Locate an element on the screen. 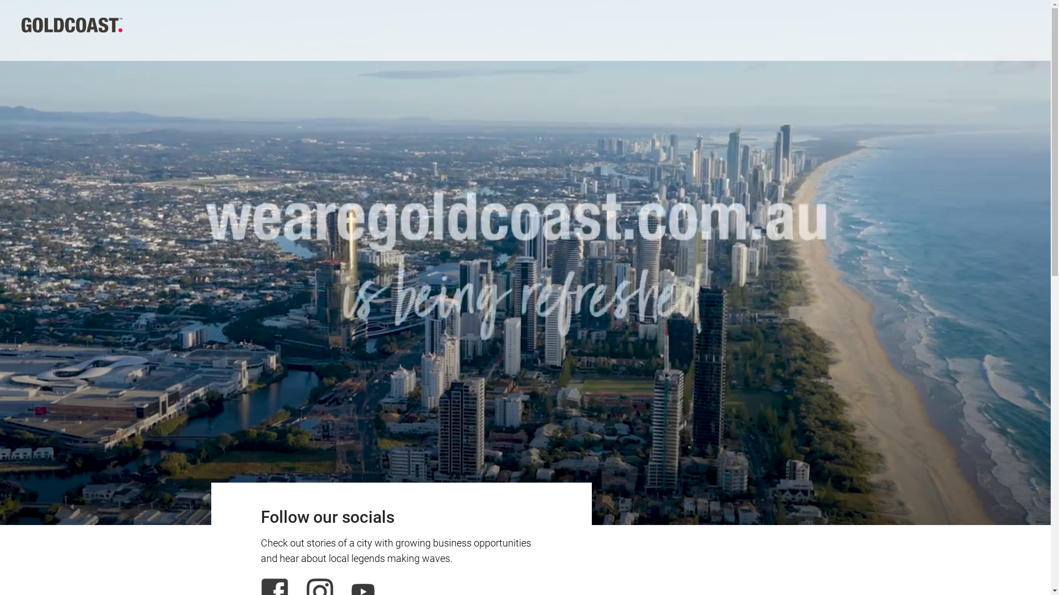 Image resolution: width=1059 pixels, height=595 pixels. 'Wearegc' is located at coordinates (71, 24).